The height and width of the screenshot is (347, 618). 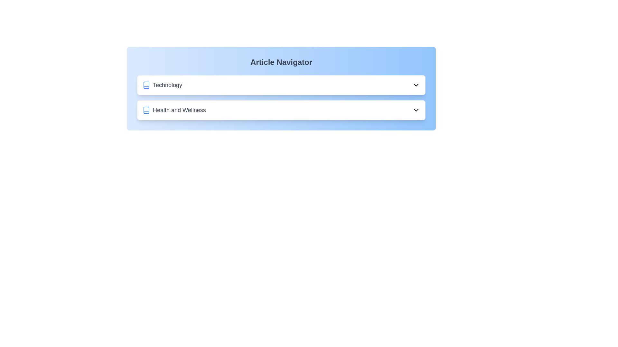 What do you see at coordinates (174, 110) in the screenshot?
I see `the 'Health and Wellness' label with a blue open book icon` at bounding box center [174, 110].